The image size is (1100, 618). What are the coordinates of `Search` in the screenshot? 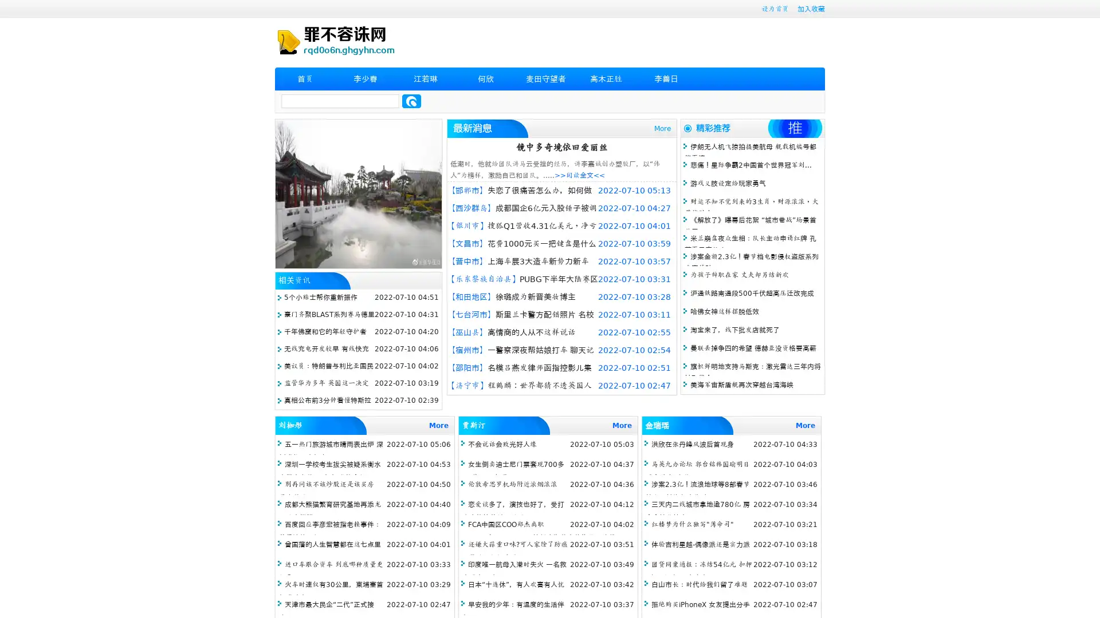 It's located at (411, 101).